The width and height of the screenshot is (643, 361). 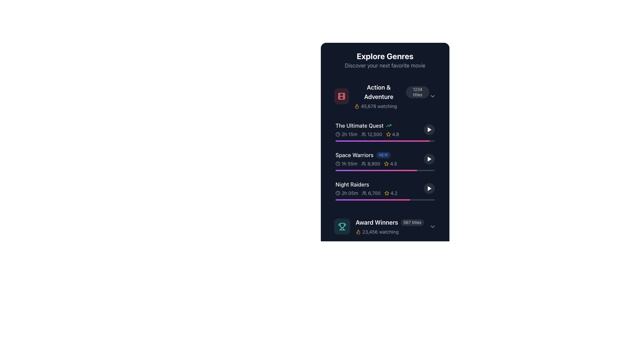 What do you see at coordinates (385, 226) in the screenshot?
I see `the 'Award Winners' interactive card located at the bottom of the 'Explore Genres' section` at bounding box center [385, 226].